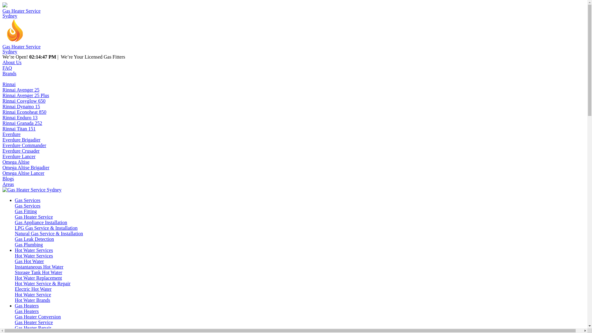 The image size is (592, 333). I want to click on 'Rinnai Avenger 25 Plus', so click(25, 95).